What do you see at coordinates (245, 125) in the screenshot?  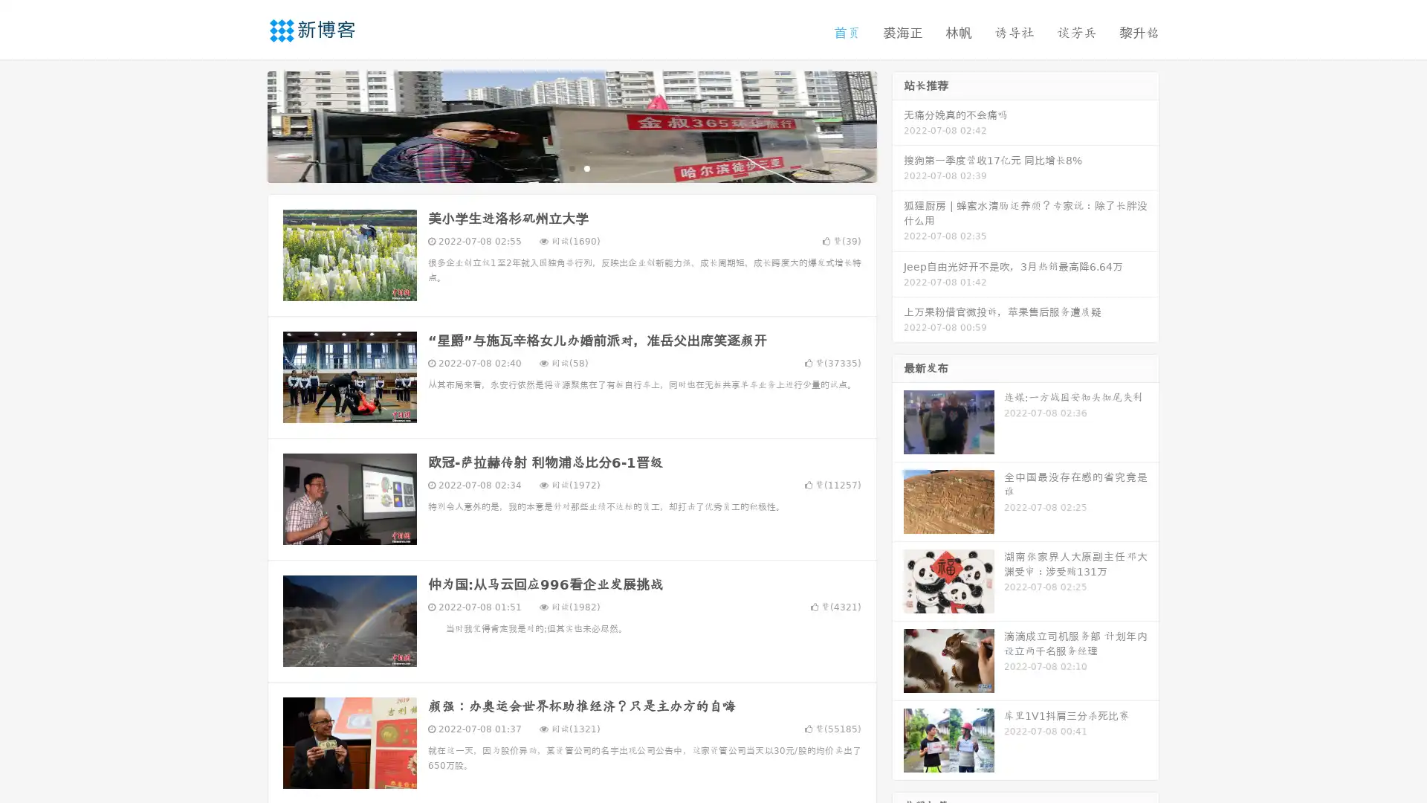 I see `Previous slide` at bounding box center [245, 125].